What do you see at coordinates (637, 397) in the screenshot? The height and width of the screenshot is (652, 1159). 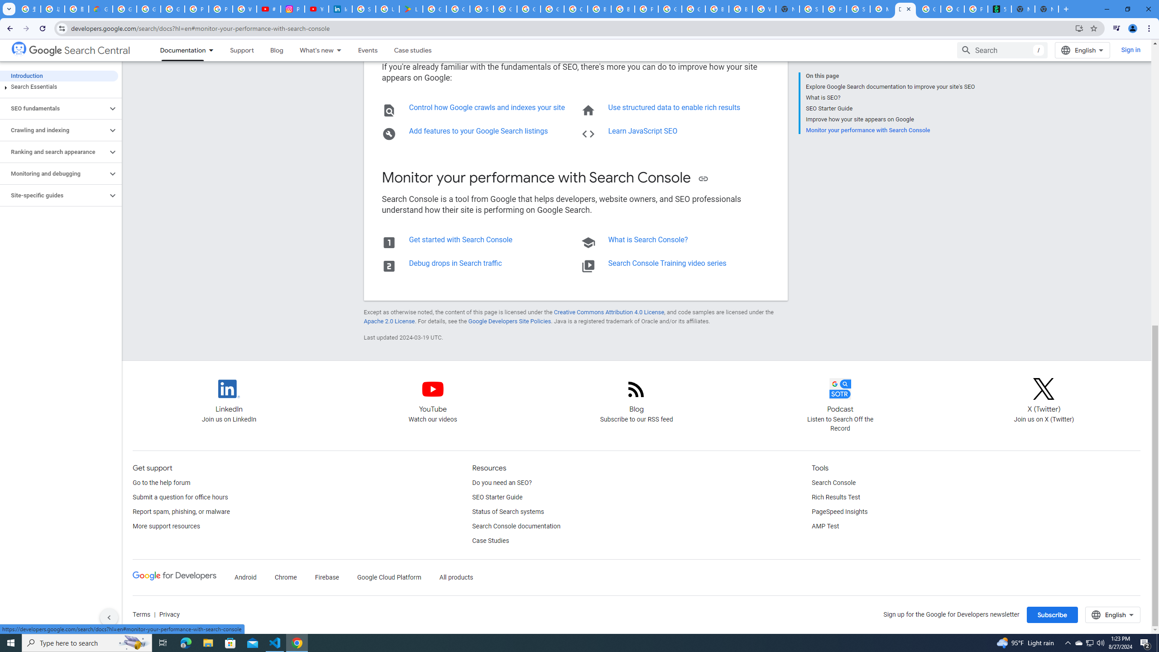 I see `'RSS feed for the Search Central Blog'` at bounding box center [637, 397].